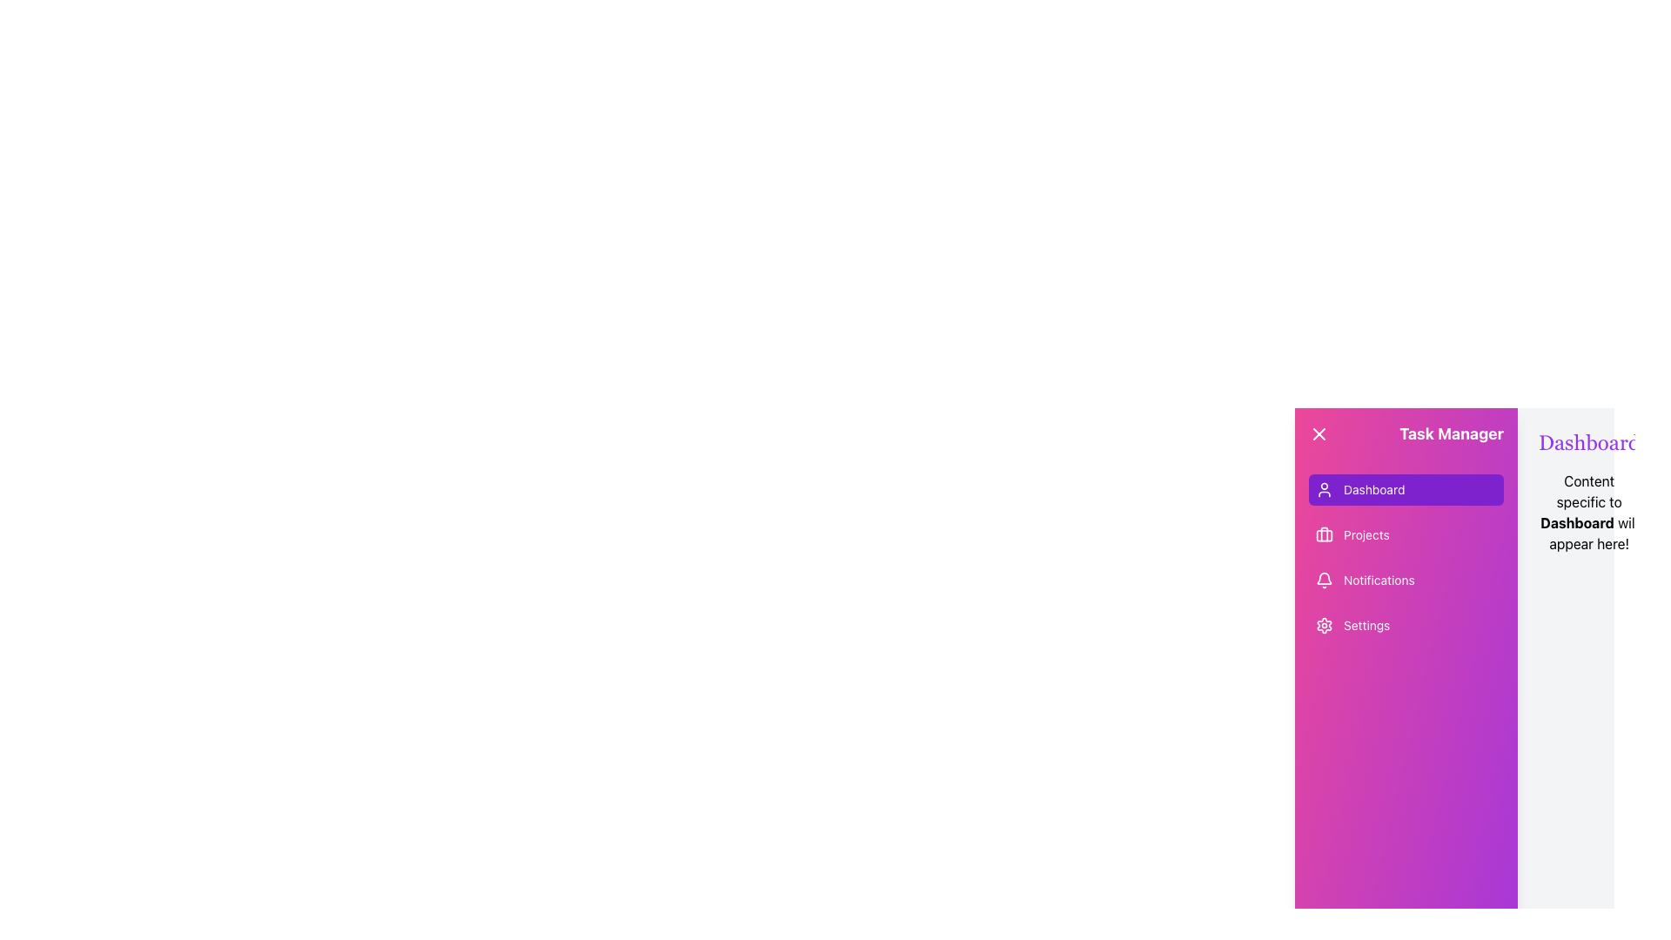 This screenshot has height=940, width=1671. Describe the element at coordinates (1323, 624) in the screenshot. I see `the gear-shaped icon indicative of settings located as the fourth icon` at that location.